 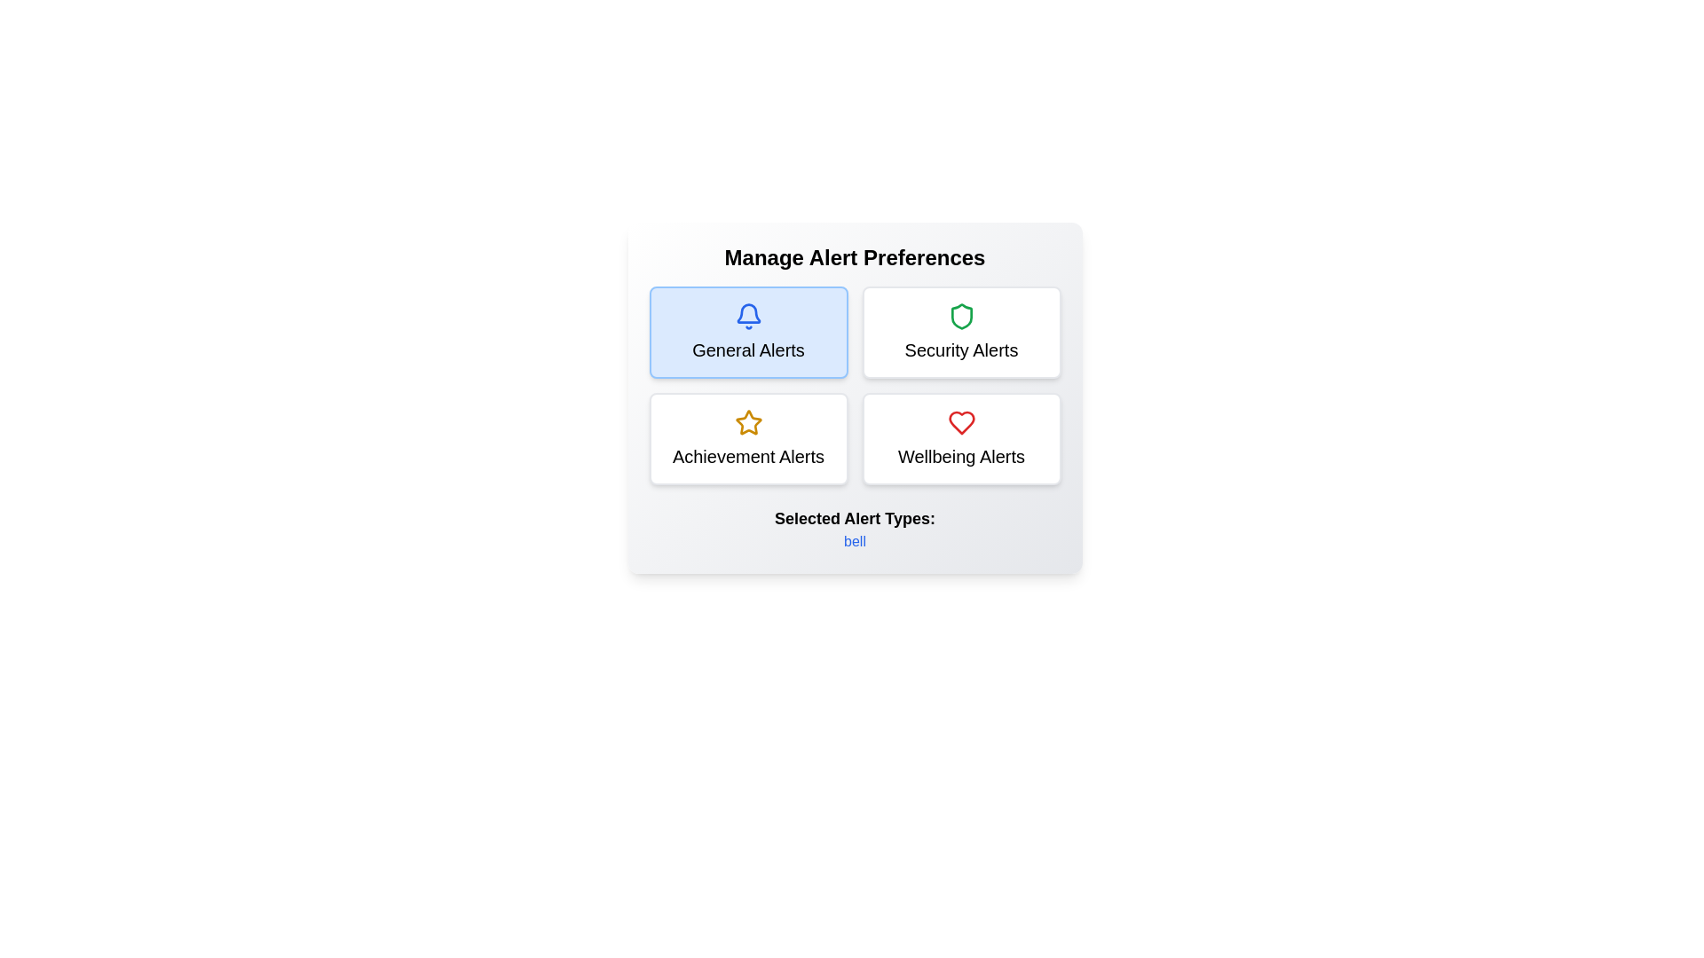 I want to click on the alert type Achievement Alerts, so click(x=748, y=438).